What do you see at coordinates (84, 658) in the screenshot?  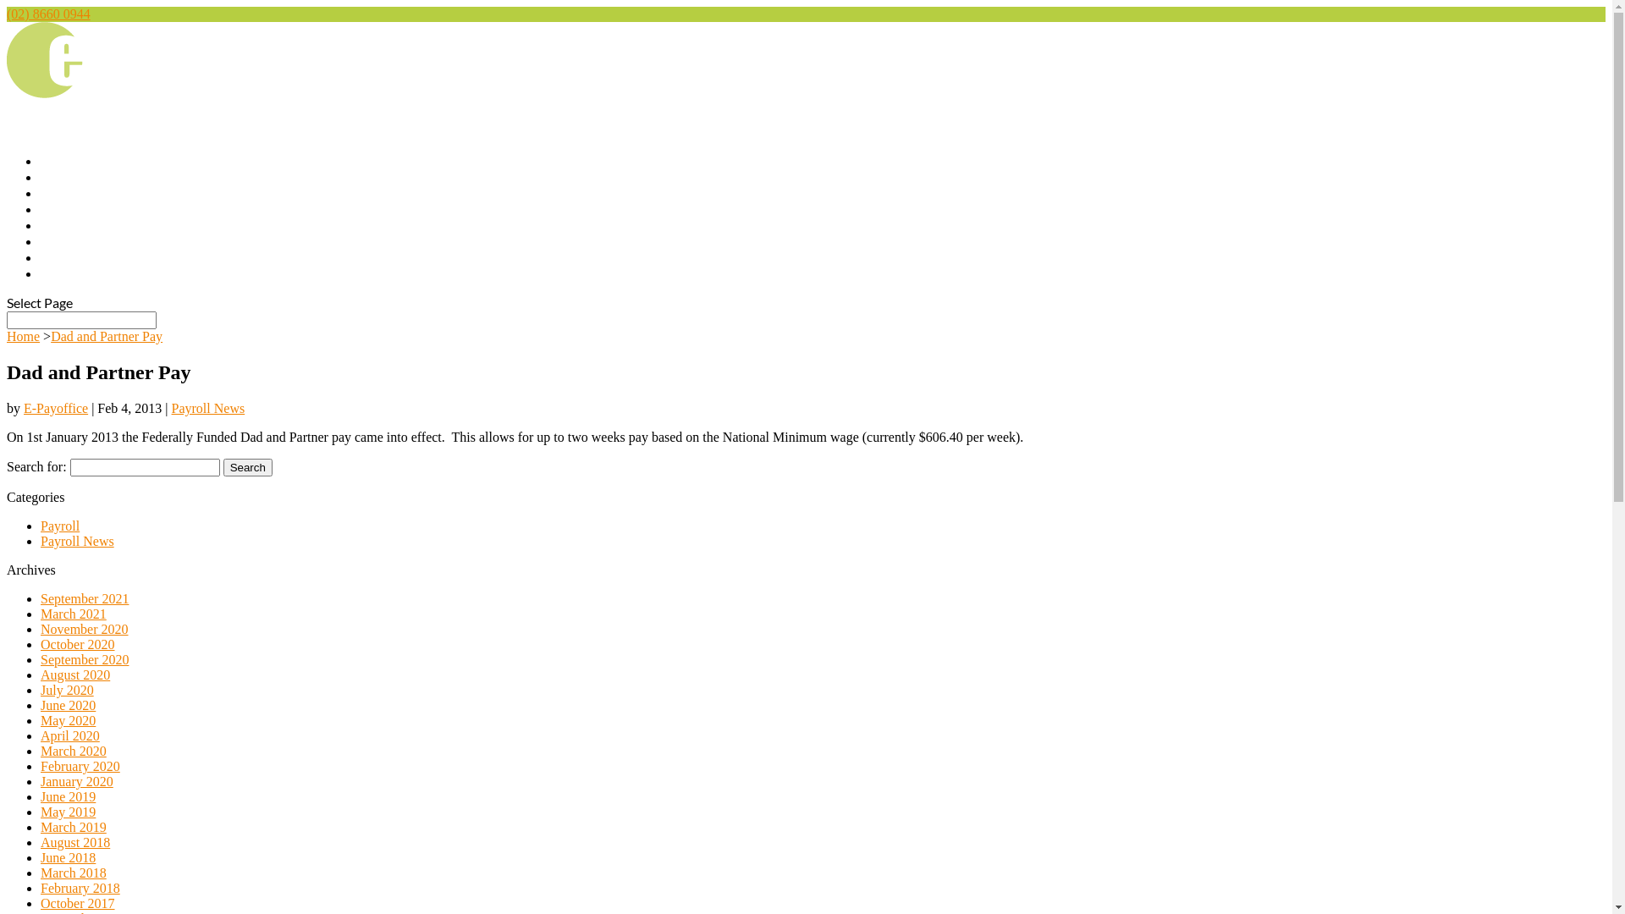 I see `'September 2020'` at bounding box center [84, 658].